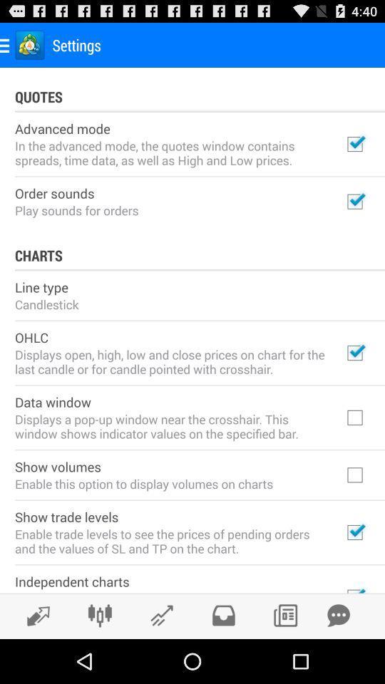 This screenshot has width=385, height=684. What do you see at coordinates (161, 658) in the screenshot?
I see `the edit icon` at bounding box center [161, 658].